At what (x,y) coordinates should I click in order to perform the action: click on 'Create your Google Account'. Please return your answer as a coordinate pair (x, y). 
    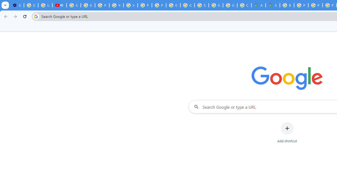
    Looking at the image, I should click on (244, 5).